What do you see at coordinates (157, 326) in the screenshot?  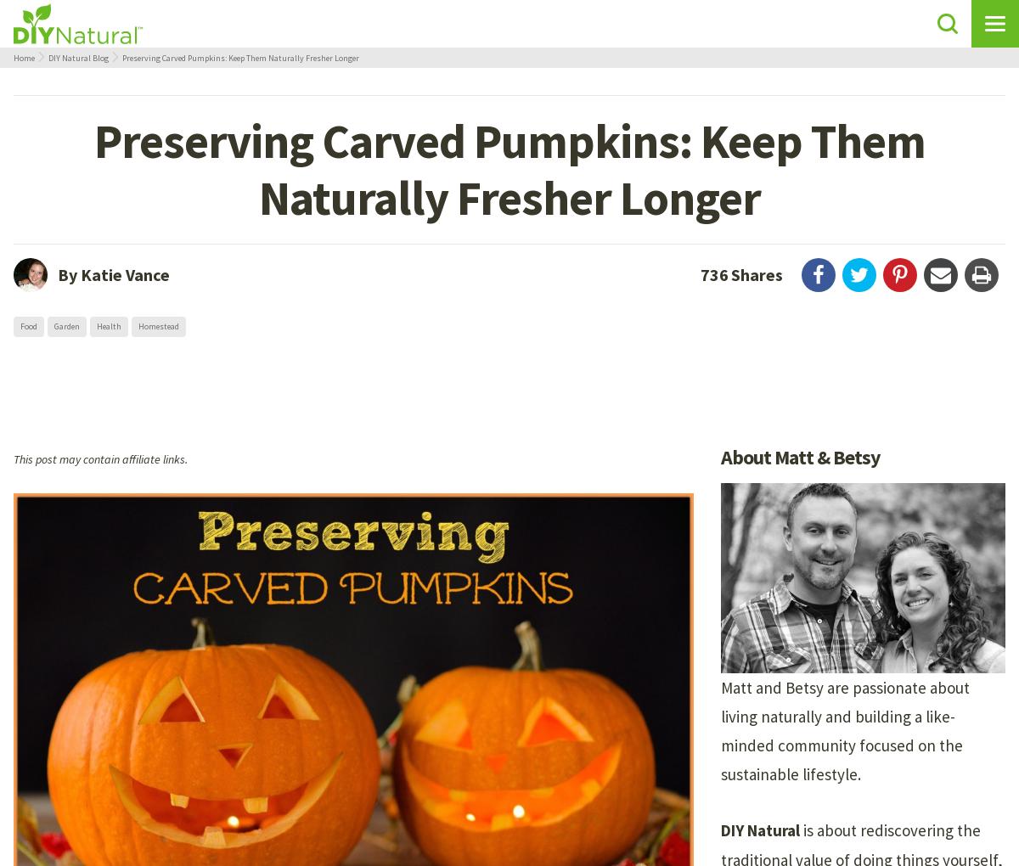 I see `'Homestead'` at bounding box center [157, 326].